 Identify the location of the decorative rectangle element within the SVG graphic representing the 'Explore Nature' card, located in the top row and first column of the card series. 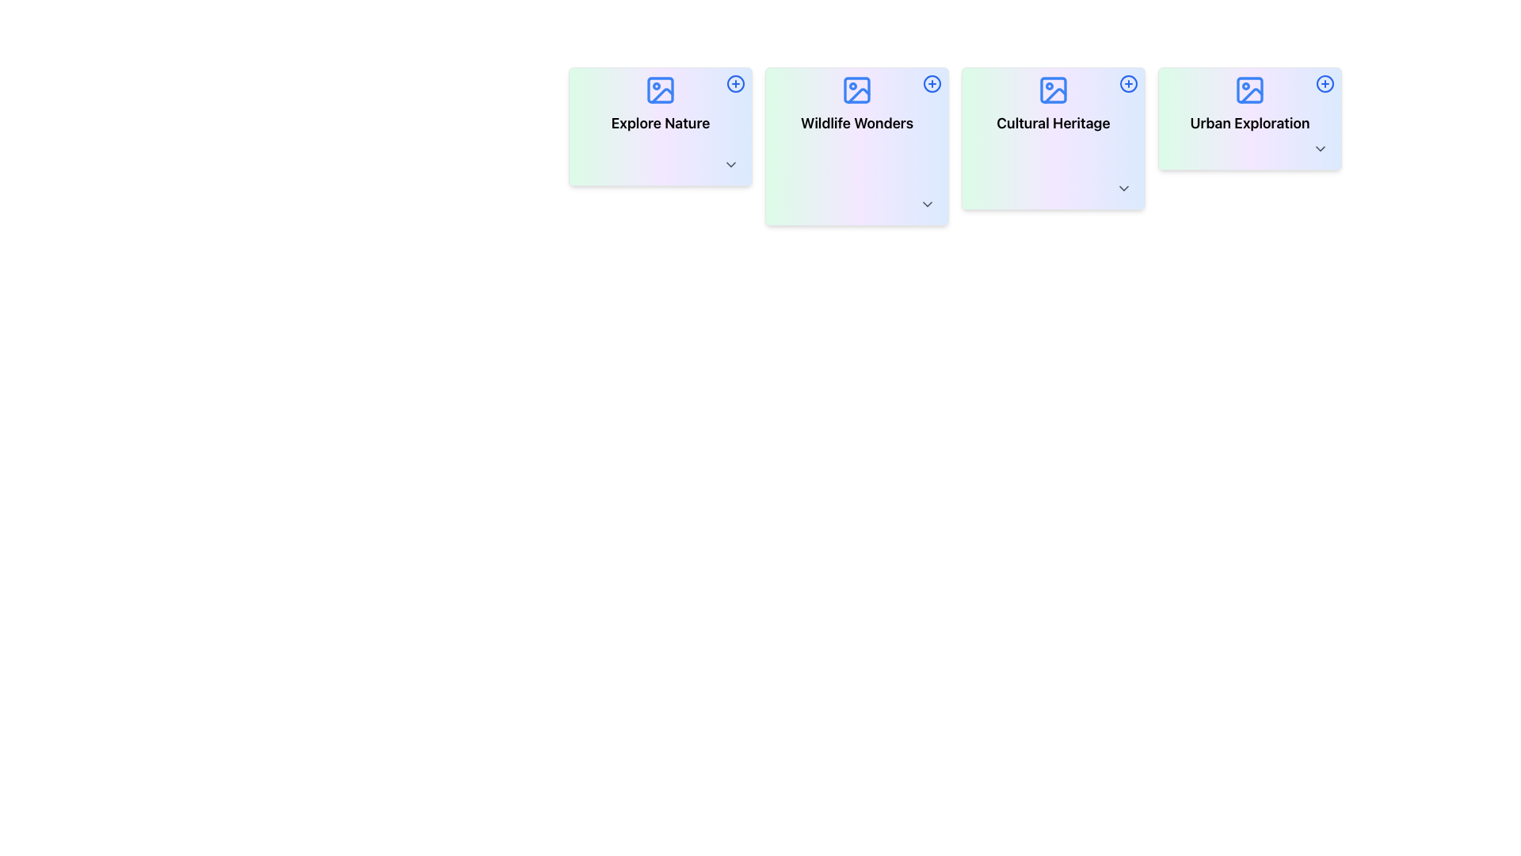
(661, 90).